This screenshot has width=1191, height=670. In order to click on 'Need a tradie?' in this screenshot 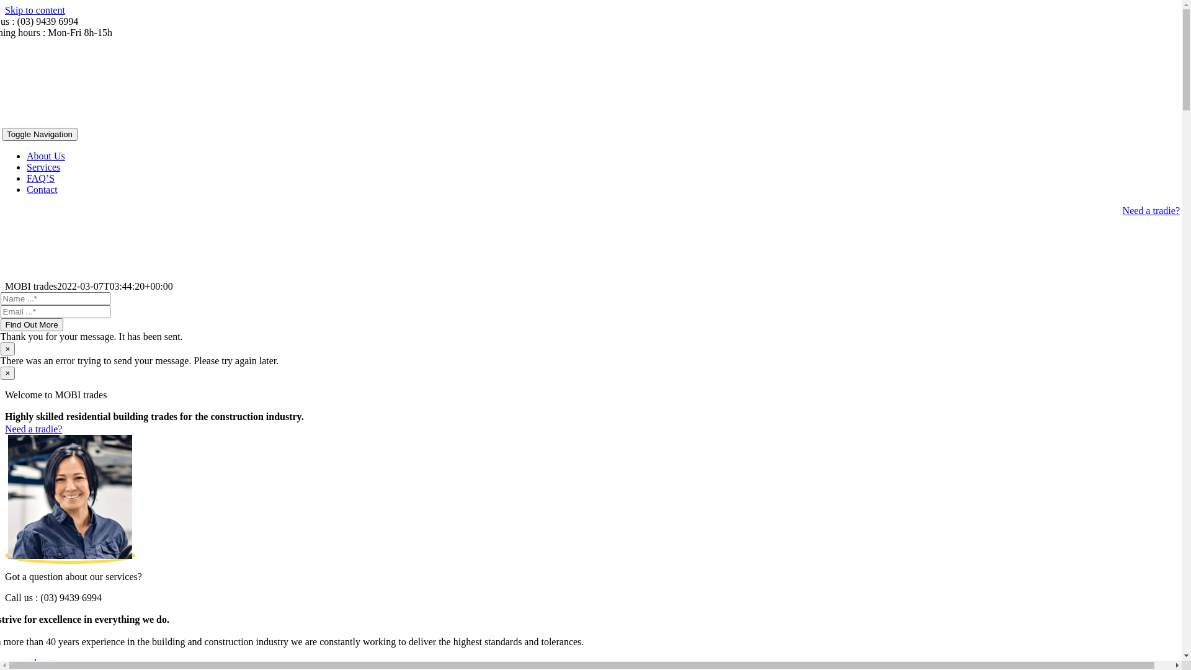, I will do `click(33, 428)`.